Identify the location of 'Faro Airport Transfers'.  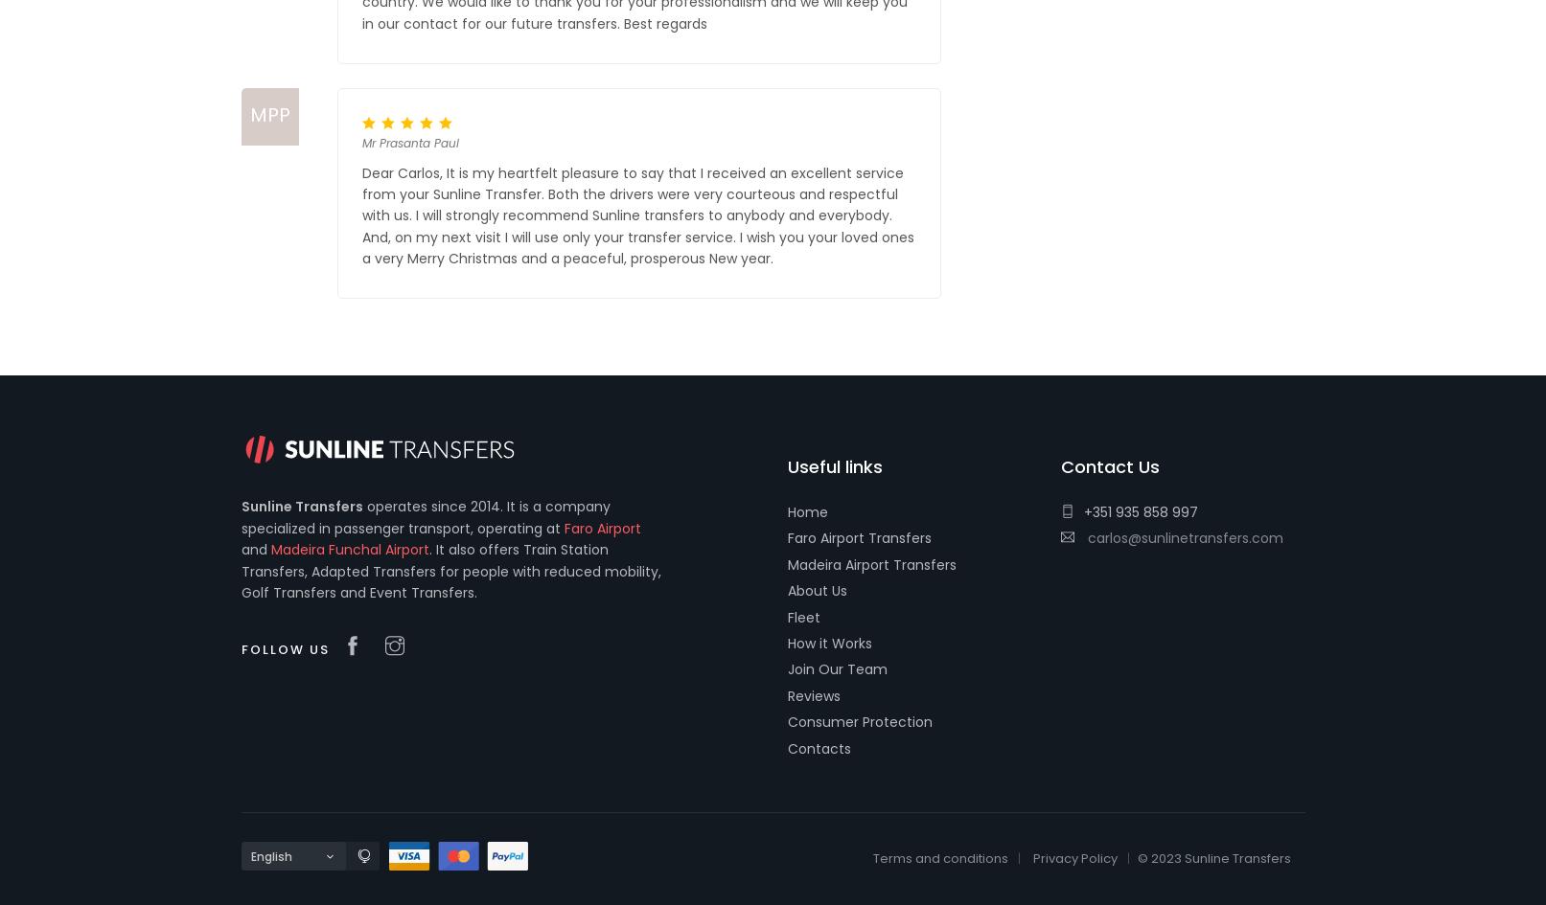
(859, 537).